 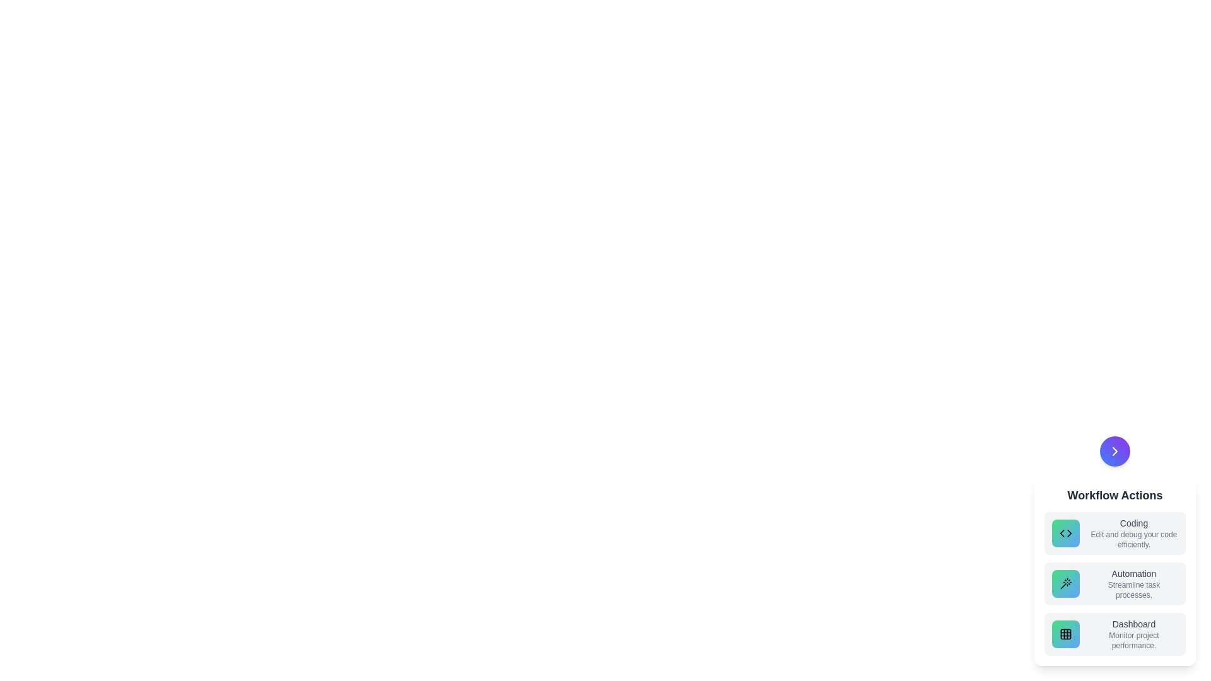 What do you see at coordinates (1114, 451) in the screenshot?
I see `the button to toggle the visibility of the WorkflowQuickAccess menu` at bounding box center [1114, 451].